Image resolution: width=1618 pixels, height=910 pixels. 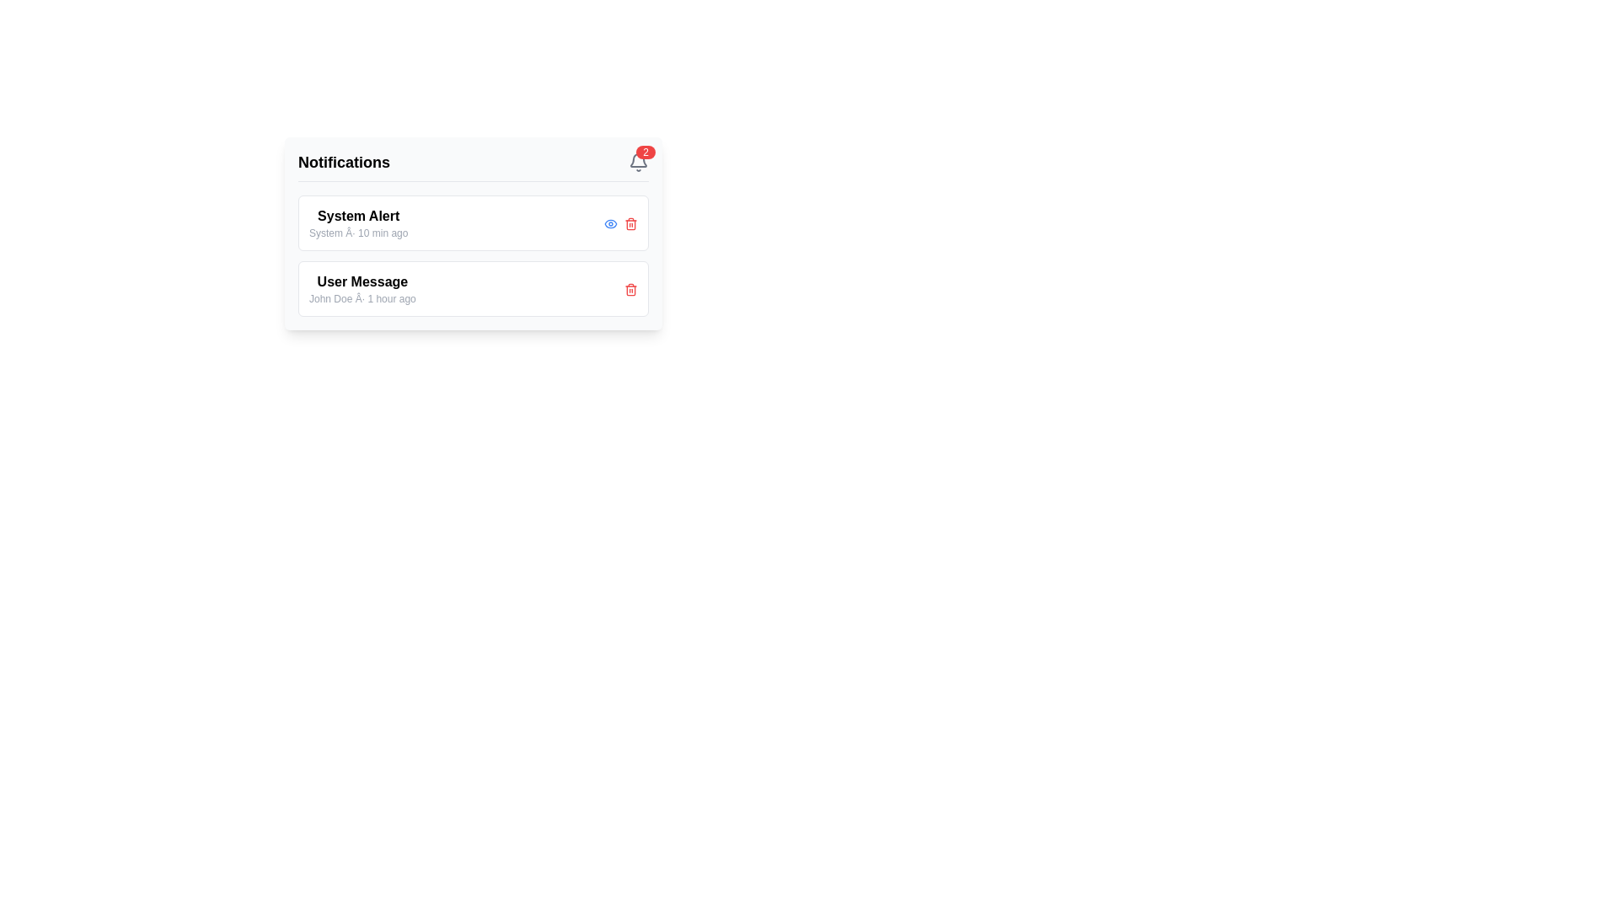 I want to click on the heading text 'Notifications' which is styled with bold and large font, located at the top of the notification center interface, so click(x=343, y=162).